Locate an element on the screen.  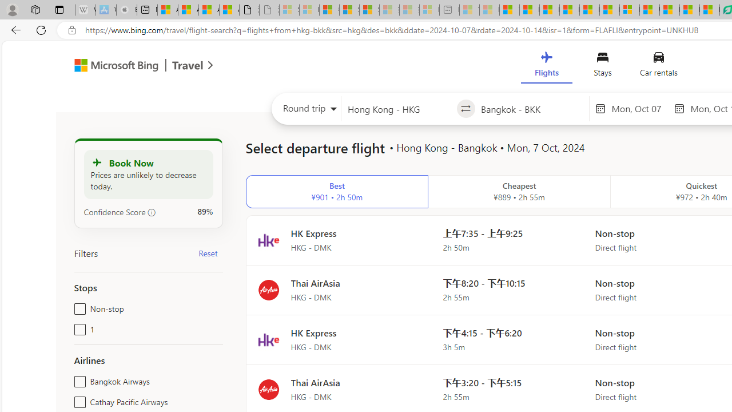
'Aberdeen, Hong Kong SAR severe weather | Microsoft Weather' is located at coordinates (229, 10).